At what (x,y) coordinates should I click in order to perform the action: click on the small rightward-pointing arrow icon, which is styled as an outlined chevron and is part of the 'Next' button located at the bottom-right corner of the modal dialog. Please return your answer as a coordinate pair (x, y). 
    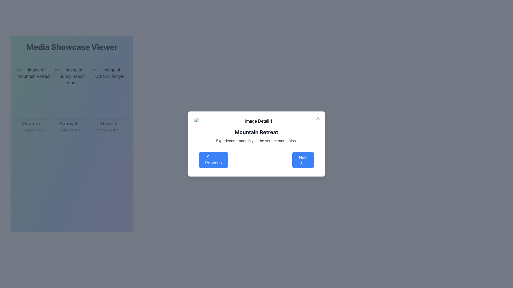
    Looking at the image, I should click on (301, 163).